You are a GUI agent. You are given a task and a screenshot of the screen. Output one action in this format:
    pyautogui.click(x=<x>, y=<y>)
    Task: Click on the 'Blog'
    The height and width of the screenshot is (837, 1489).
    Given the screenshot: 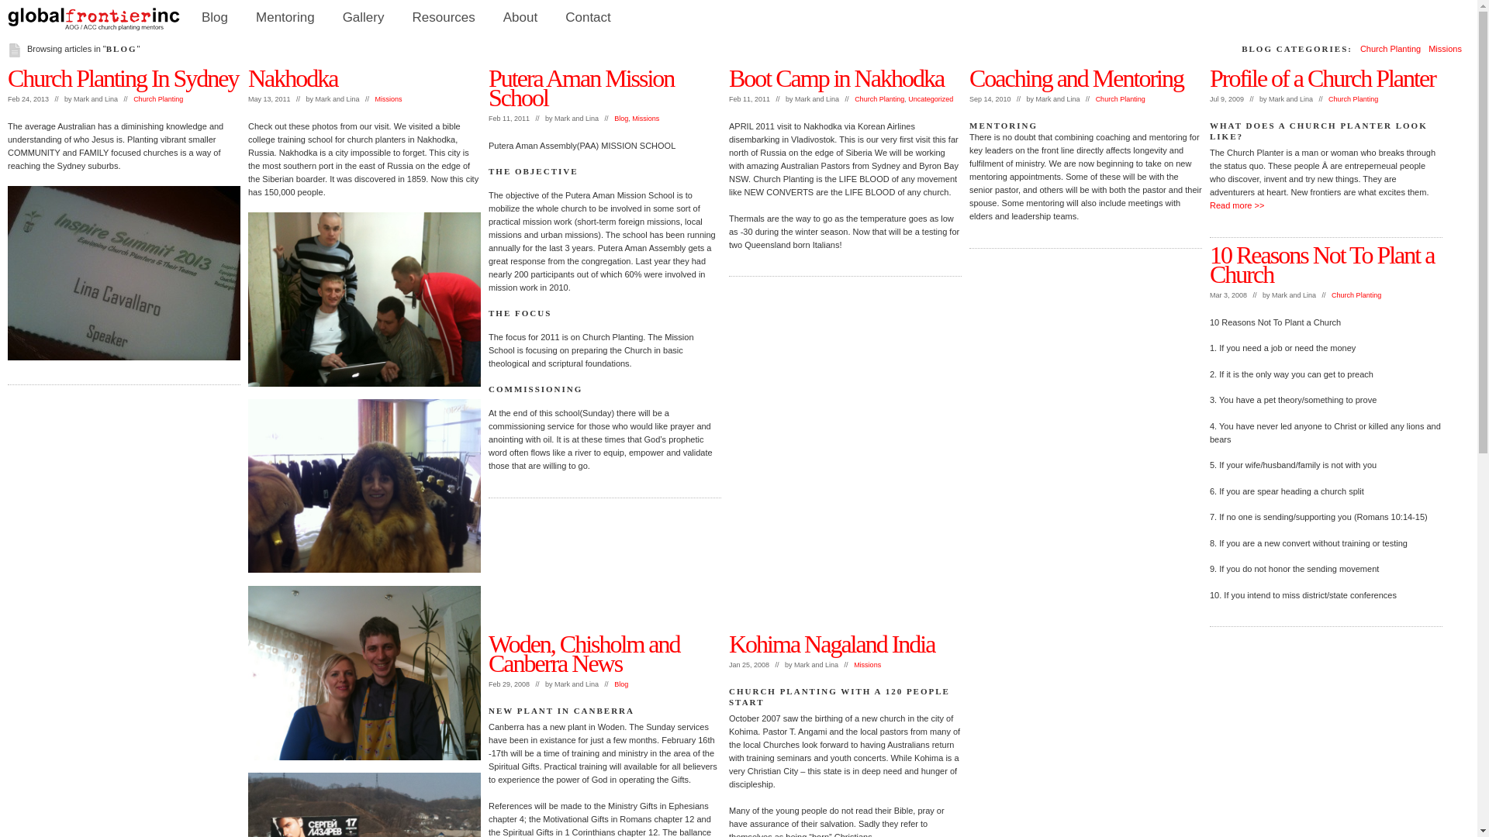 What is the action you would take?
    pyautogui.click(x=621, y=684)
    